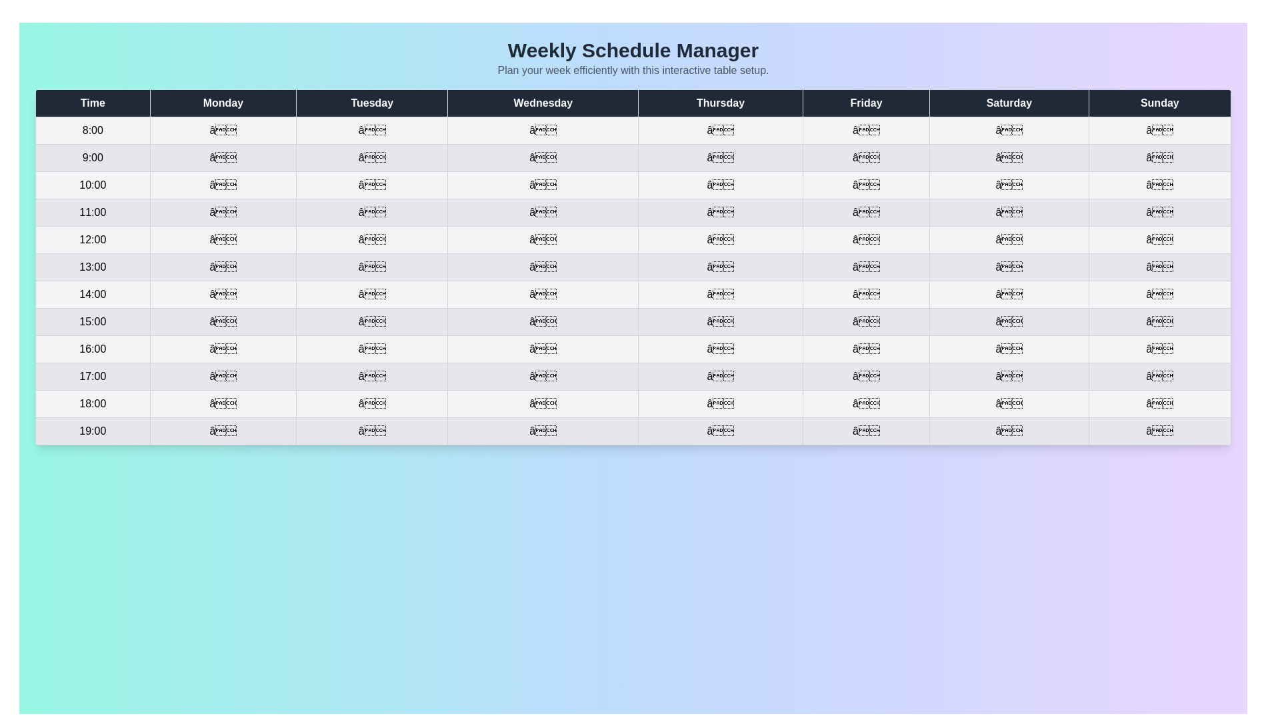  Describe the element at coordinates (372, 102) in the screenshot. I see `the header of the column labeled Tuesday to sort it` at that location.